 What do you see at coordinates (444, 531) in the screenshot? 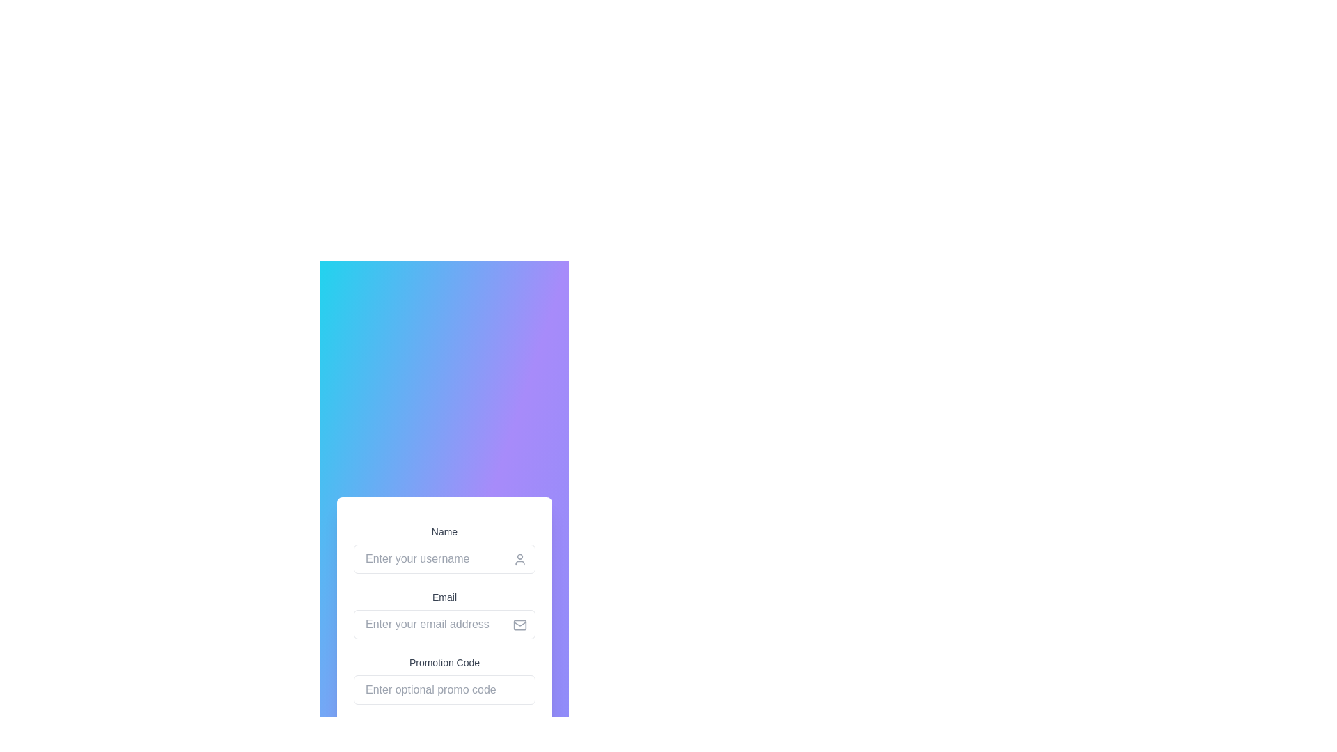
I see `text from the 'Name' label, which is styled with a small font size and light gray color, positioned above the input field` at bounding box center [444, 531].